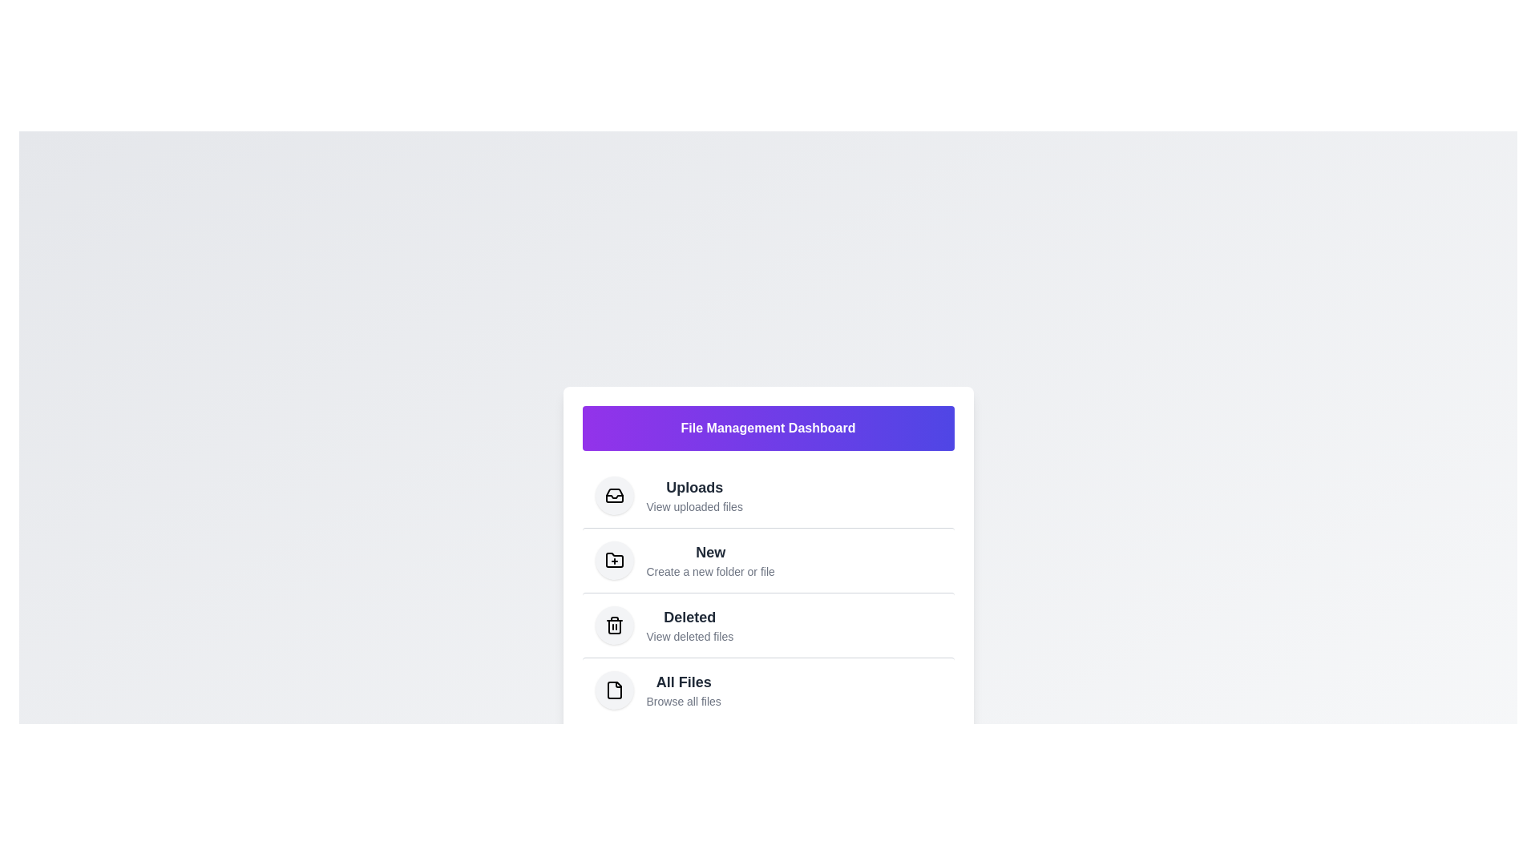 This screenshot has height=865, width=1539. I want to click on the menu item 'All Files' to trigger its visual feedback, so click(767, 688).